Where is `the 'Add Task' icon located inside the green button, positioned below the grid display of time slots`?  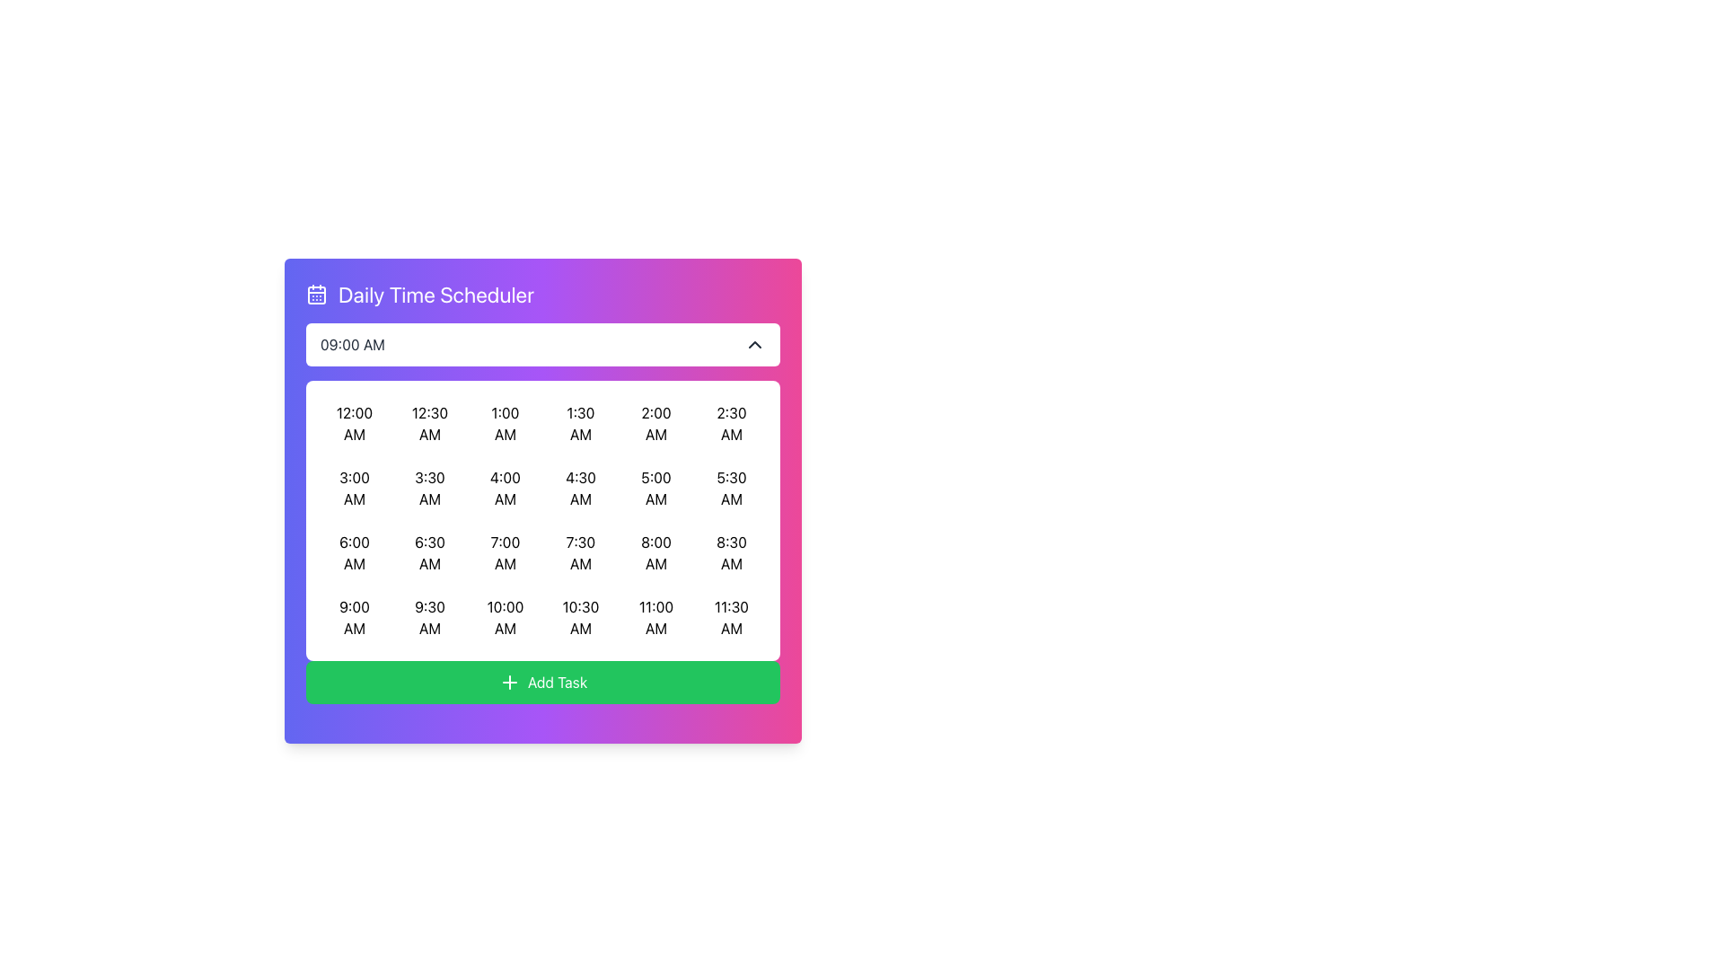
the 'Add Task' icon located inside the green button, positioned below the grid display of time slots is located at coordinates (508, 682).